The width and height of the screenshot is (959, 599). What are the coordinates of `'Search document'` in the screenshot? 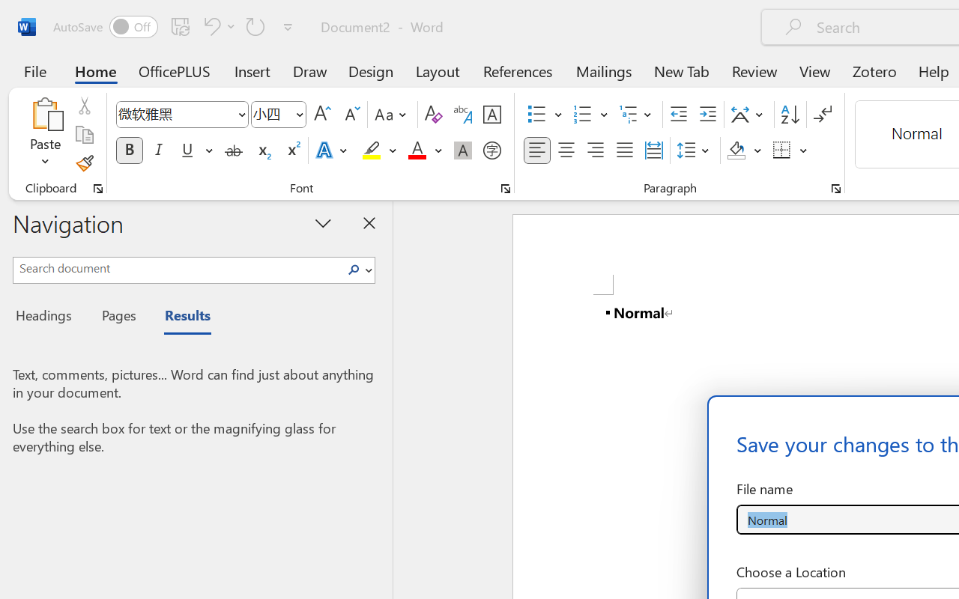 It's located at (178, 268).